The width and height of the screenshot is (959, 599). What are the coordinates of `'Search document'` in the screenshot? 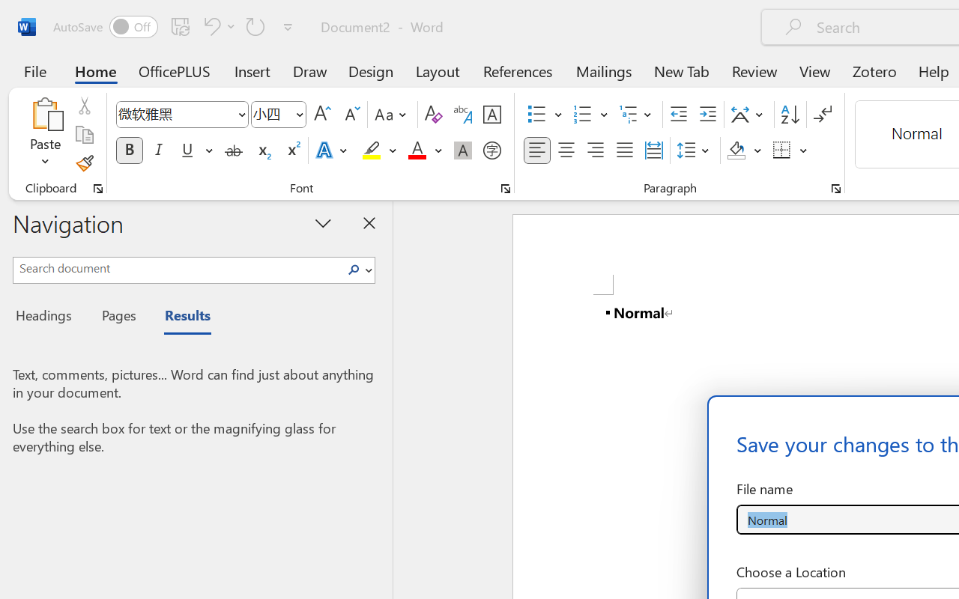 It's located at (178, 268).